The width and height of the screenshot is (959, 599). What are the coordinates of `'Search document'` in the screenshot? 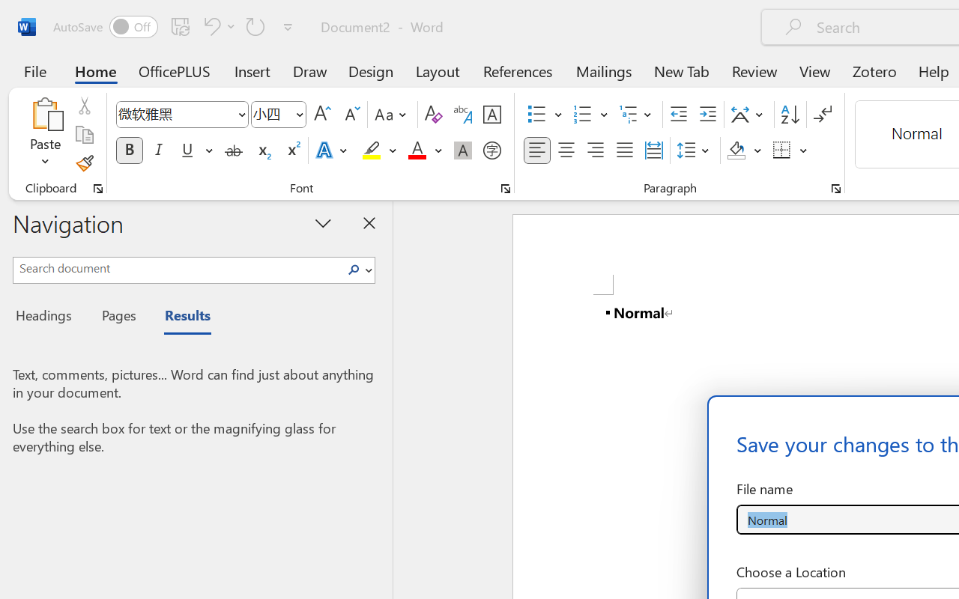 It's located at (178, 268).